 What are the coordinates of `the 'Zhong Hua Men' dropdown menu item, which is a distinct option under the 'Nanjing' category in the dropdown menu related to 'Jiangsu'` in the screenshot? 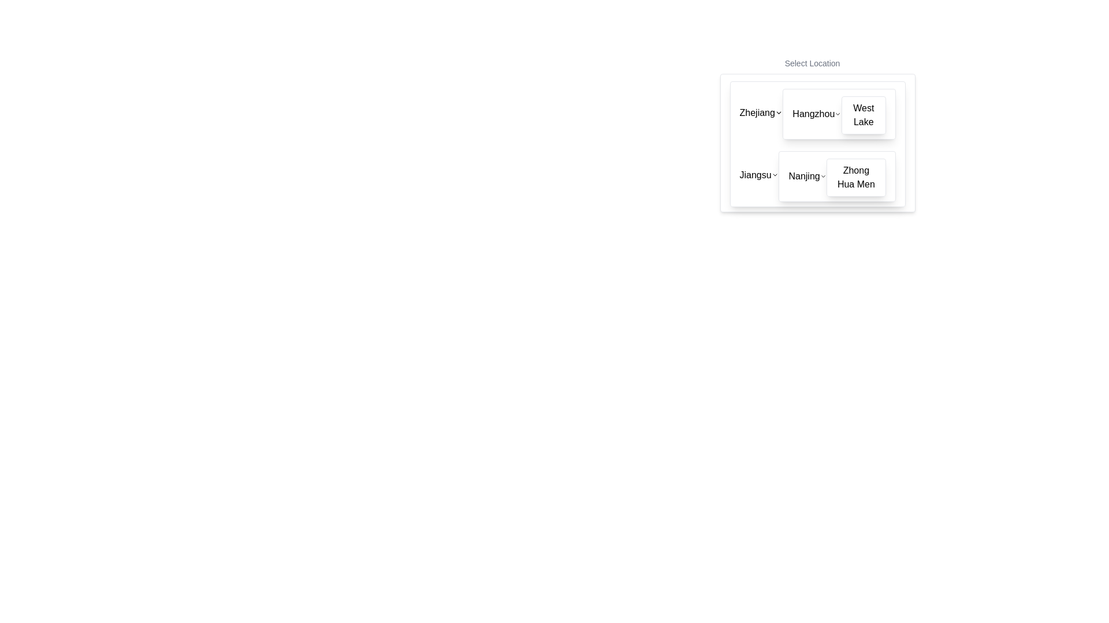 It's located at (856, 178).